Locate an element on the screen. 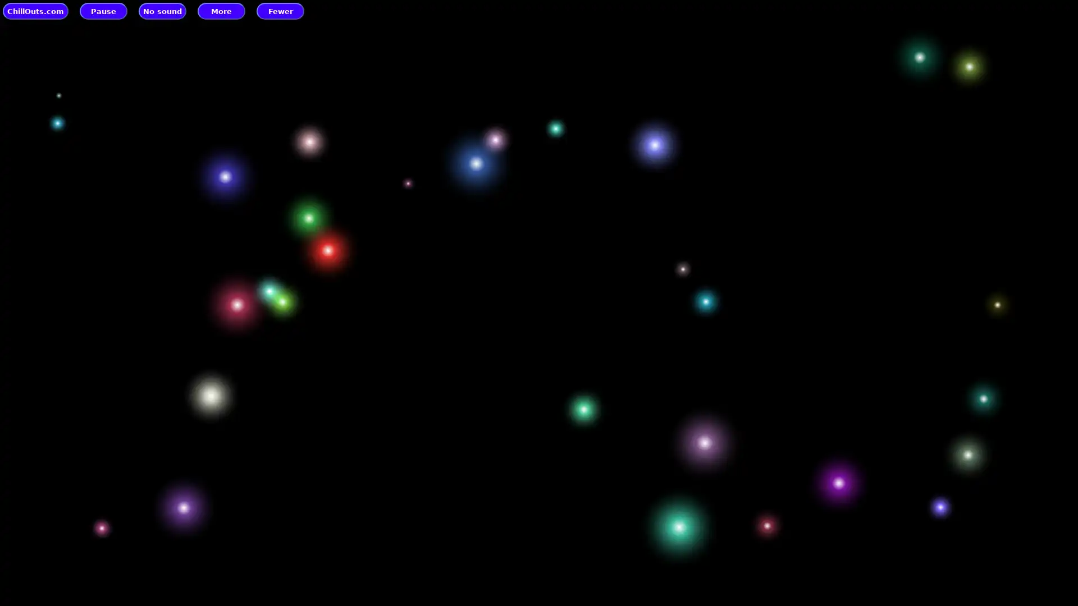 Image resolution: width=1078 pixels, height=606 pixels. Pause is located at coordinates (103, 11).